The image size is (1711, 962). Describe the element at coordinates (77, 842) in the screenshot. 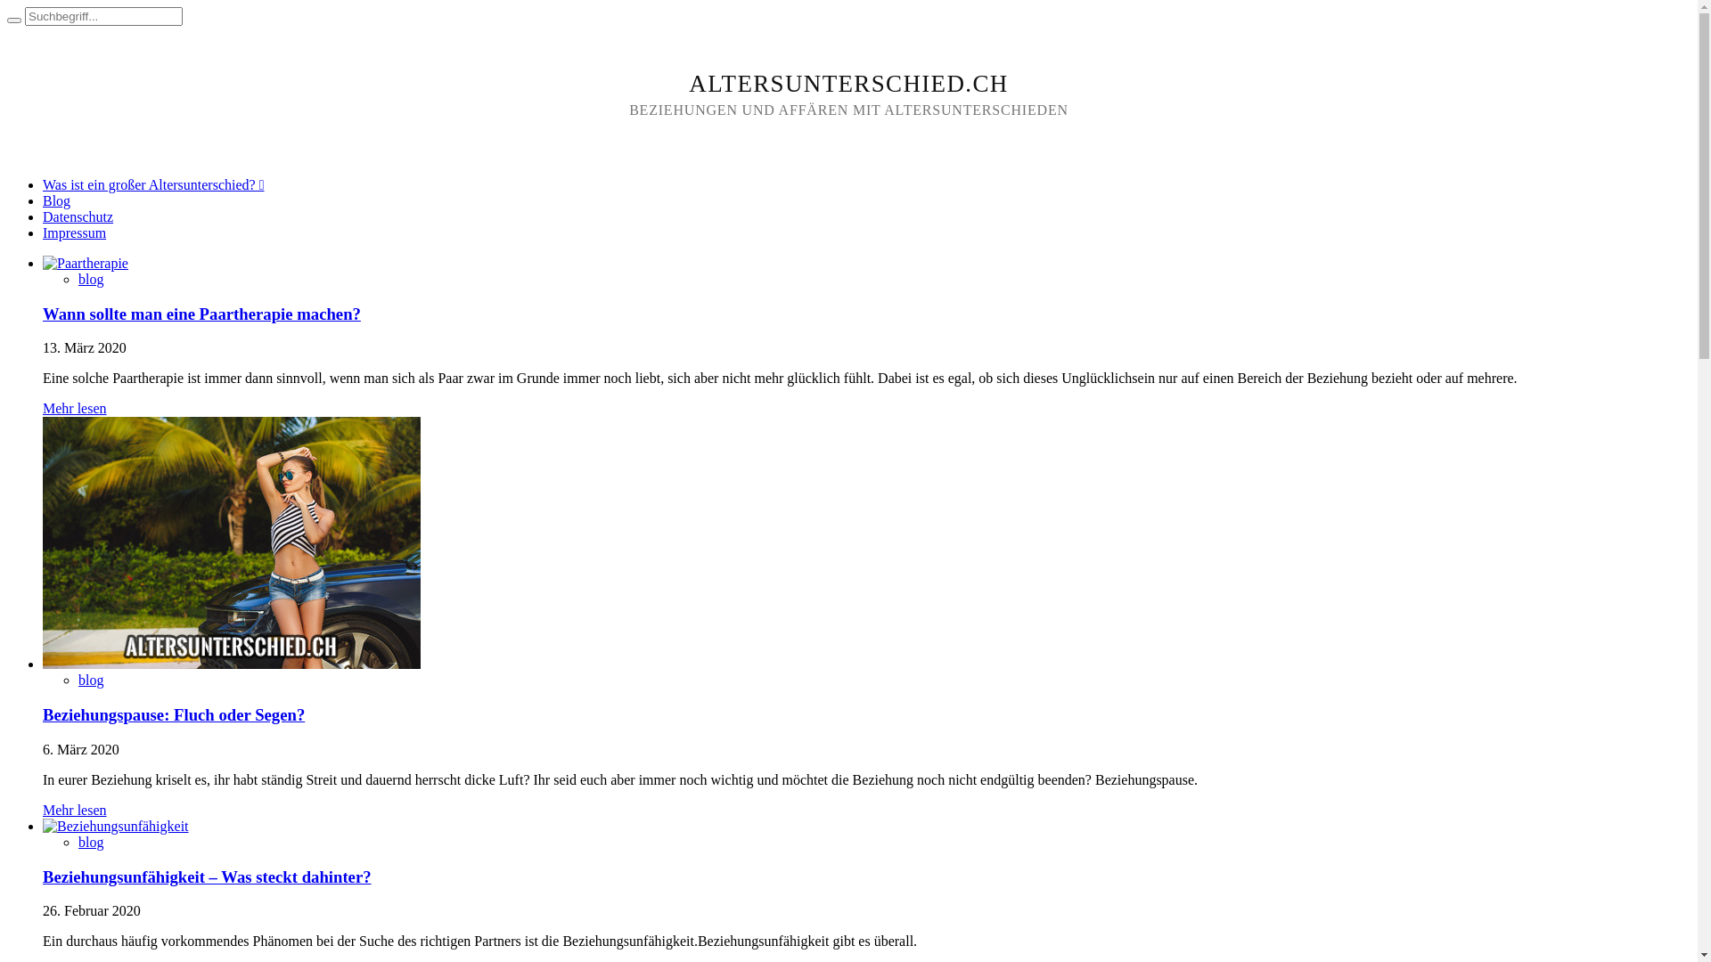

I see `'blog'` at that location.